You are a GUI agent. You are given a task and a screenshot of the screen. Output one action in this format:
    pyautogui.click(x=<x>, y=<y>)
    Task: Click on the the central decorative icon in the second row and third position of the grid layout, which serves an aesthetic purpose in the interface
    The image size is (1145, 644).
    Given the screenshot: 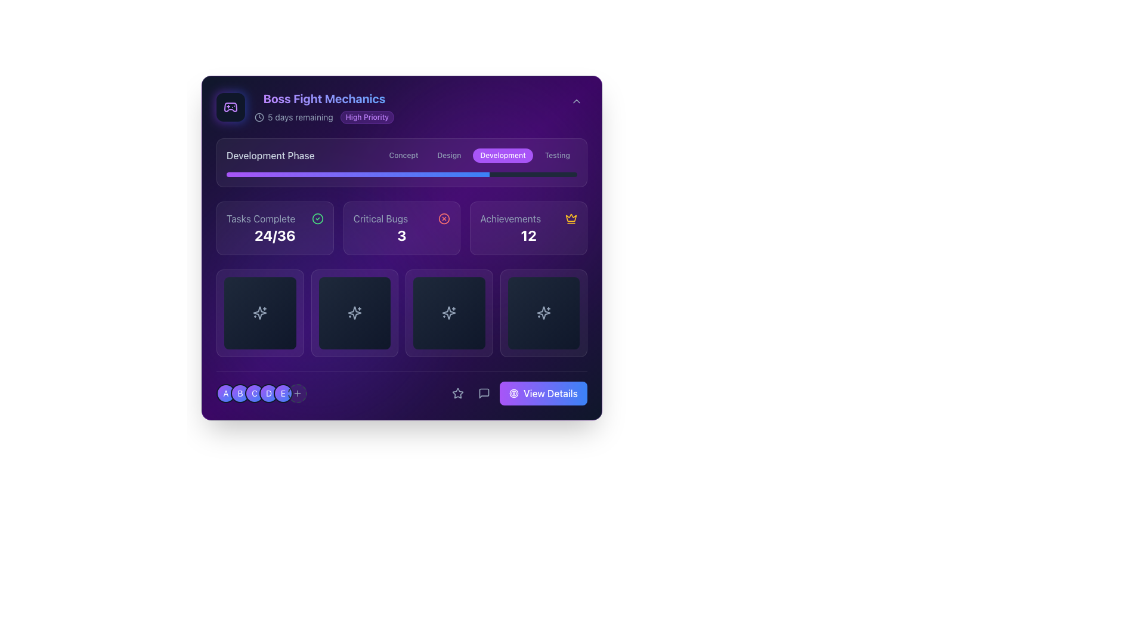 What is the action you would take?
    pyautogui.click(x=448, y=312)
    